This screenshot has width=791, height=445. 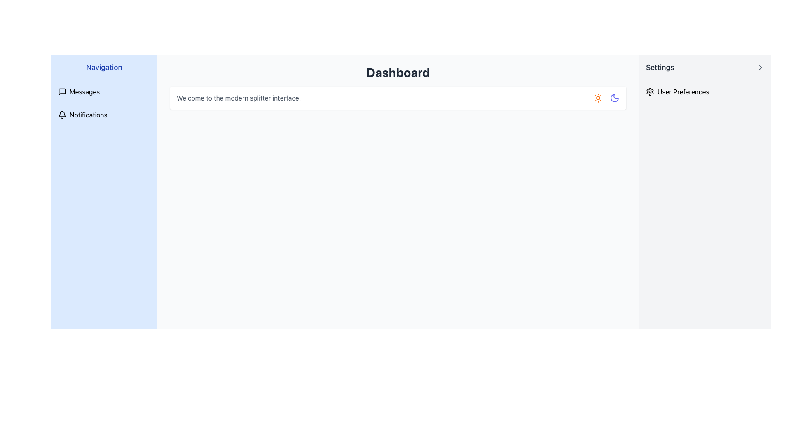 I want to click on the navigation icon in the top-right corner of the 'Settings' section, so click(x=760, y=67).